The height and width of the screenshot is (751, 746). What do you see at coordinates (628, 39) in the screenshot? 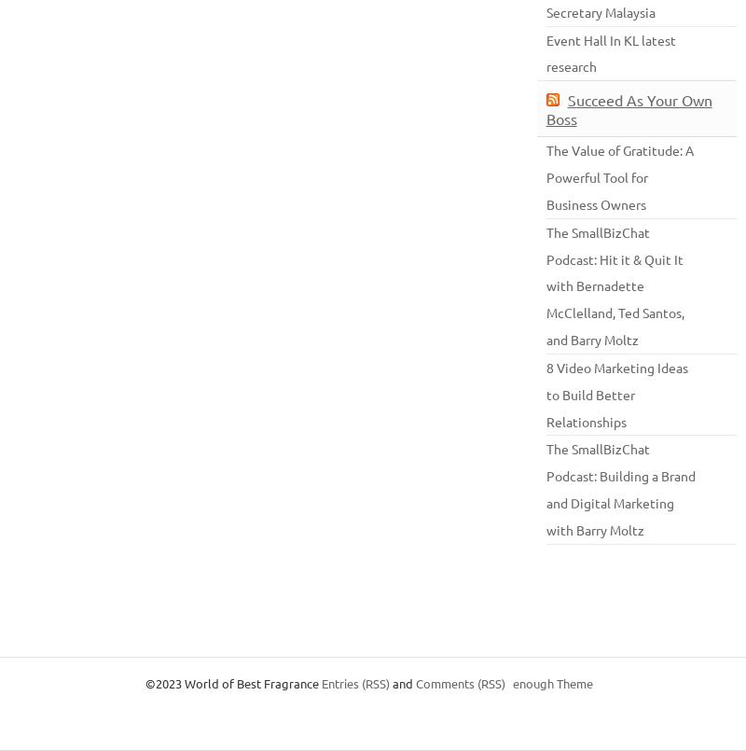
I see `'K'` at bounding box center [628, 39].